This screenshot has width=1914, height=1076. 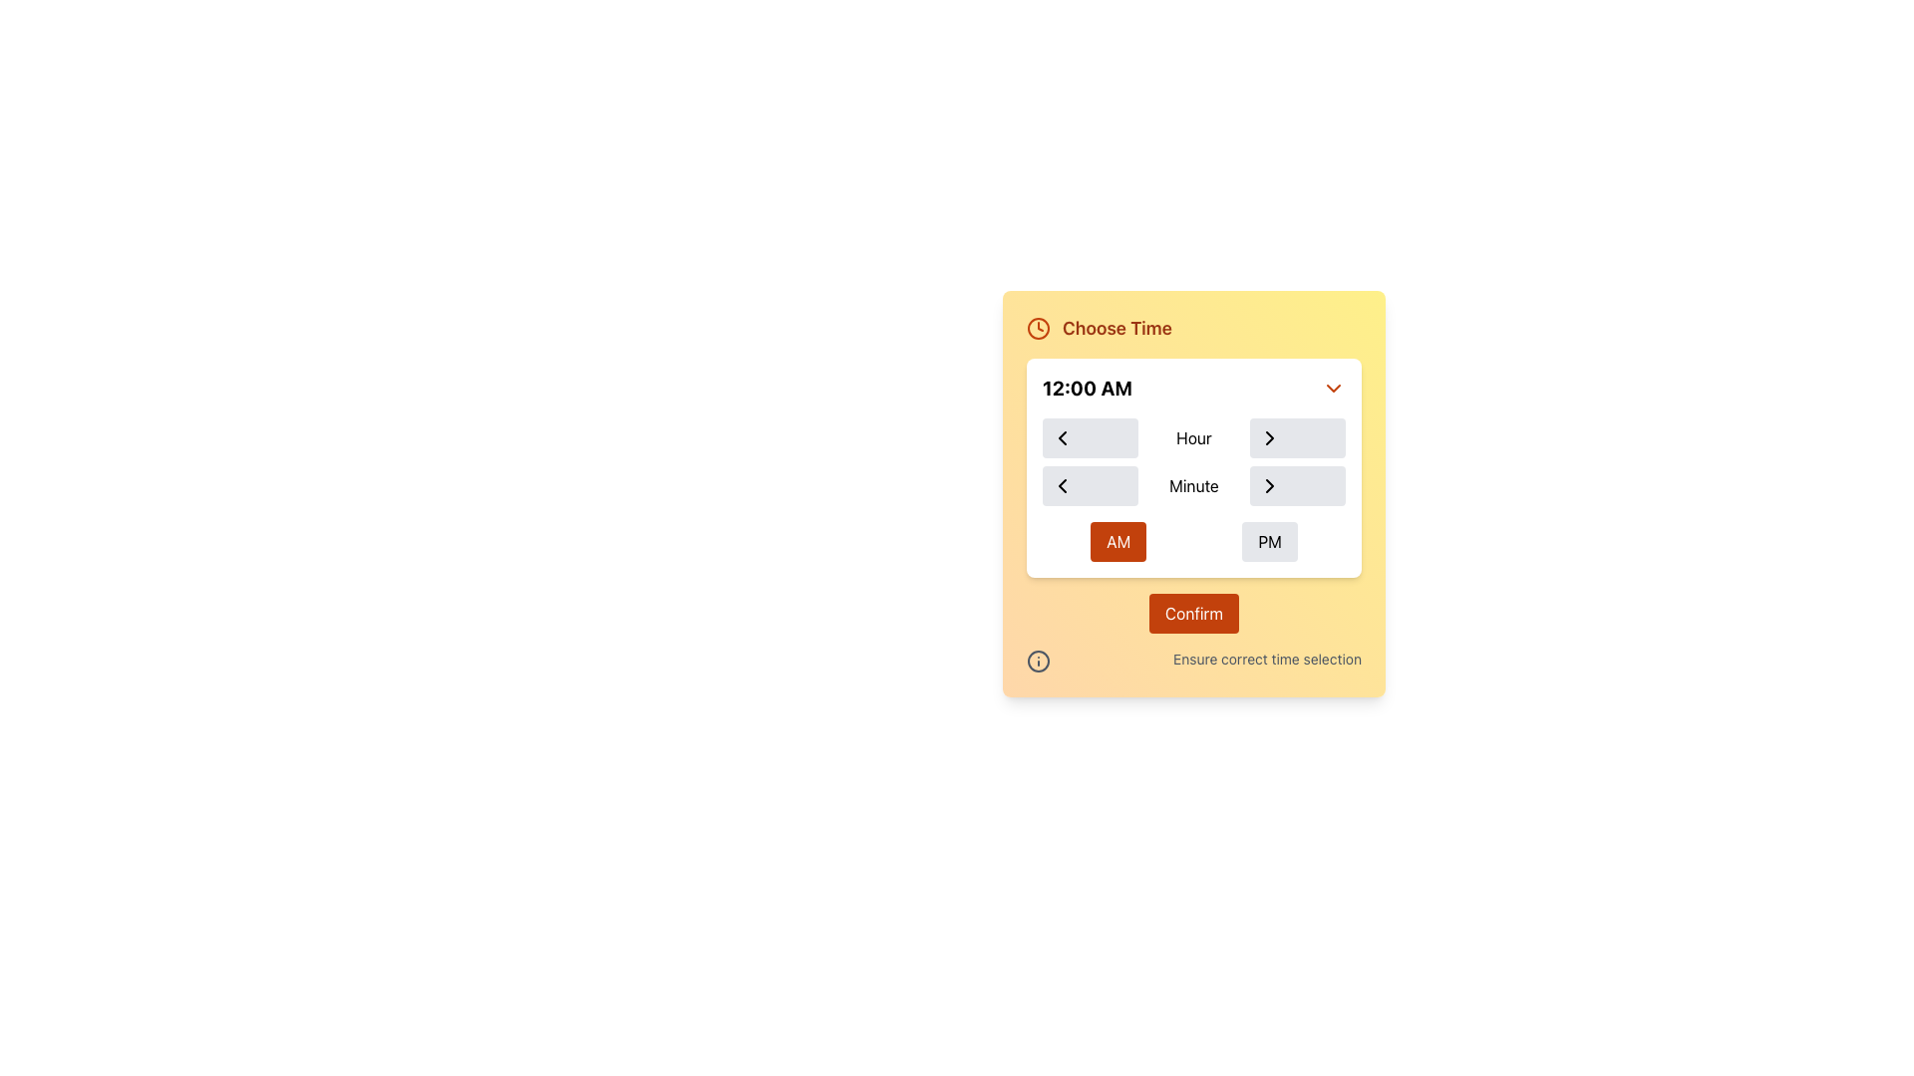 I want to click on the confirmation button located at the bottom of the time-setting modal, just above the instruction text 'Ensure correct time selection', so click(x=1194, y=613).